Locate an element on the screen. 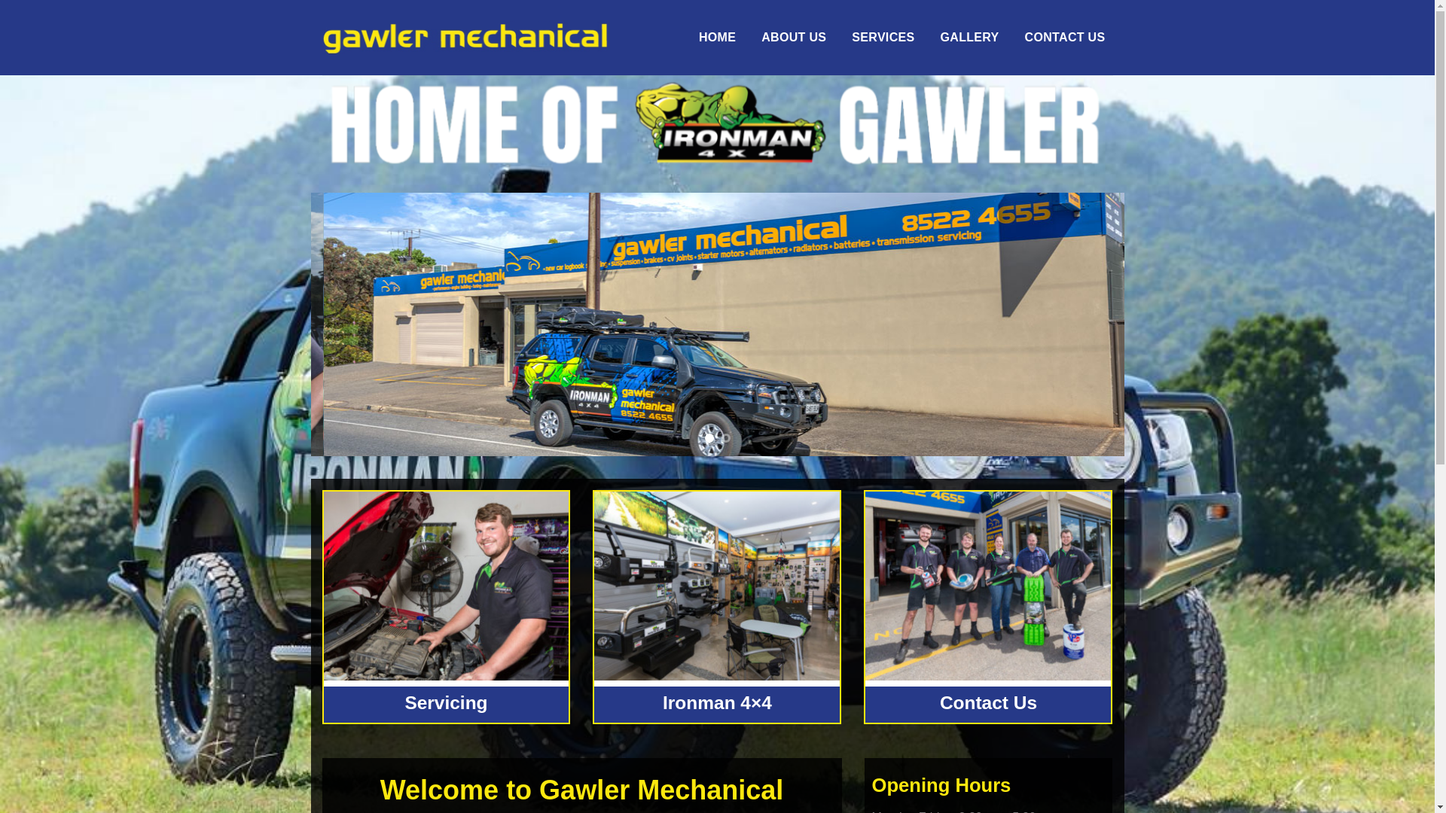  'Gawler Mechanical - Automotive Services' is located at coordinates (464, 36).